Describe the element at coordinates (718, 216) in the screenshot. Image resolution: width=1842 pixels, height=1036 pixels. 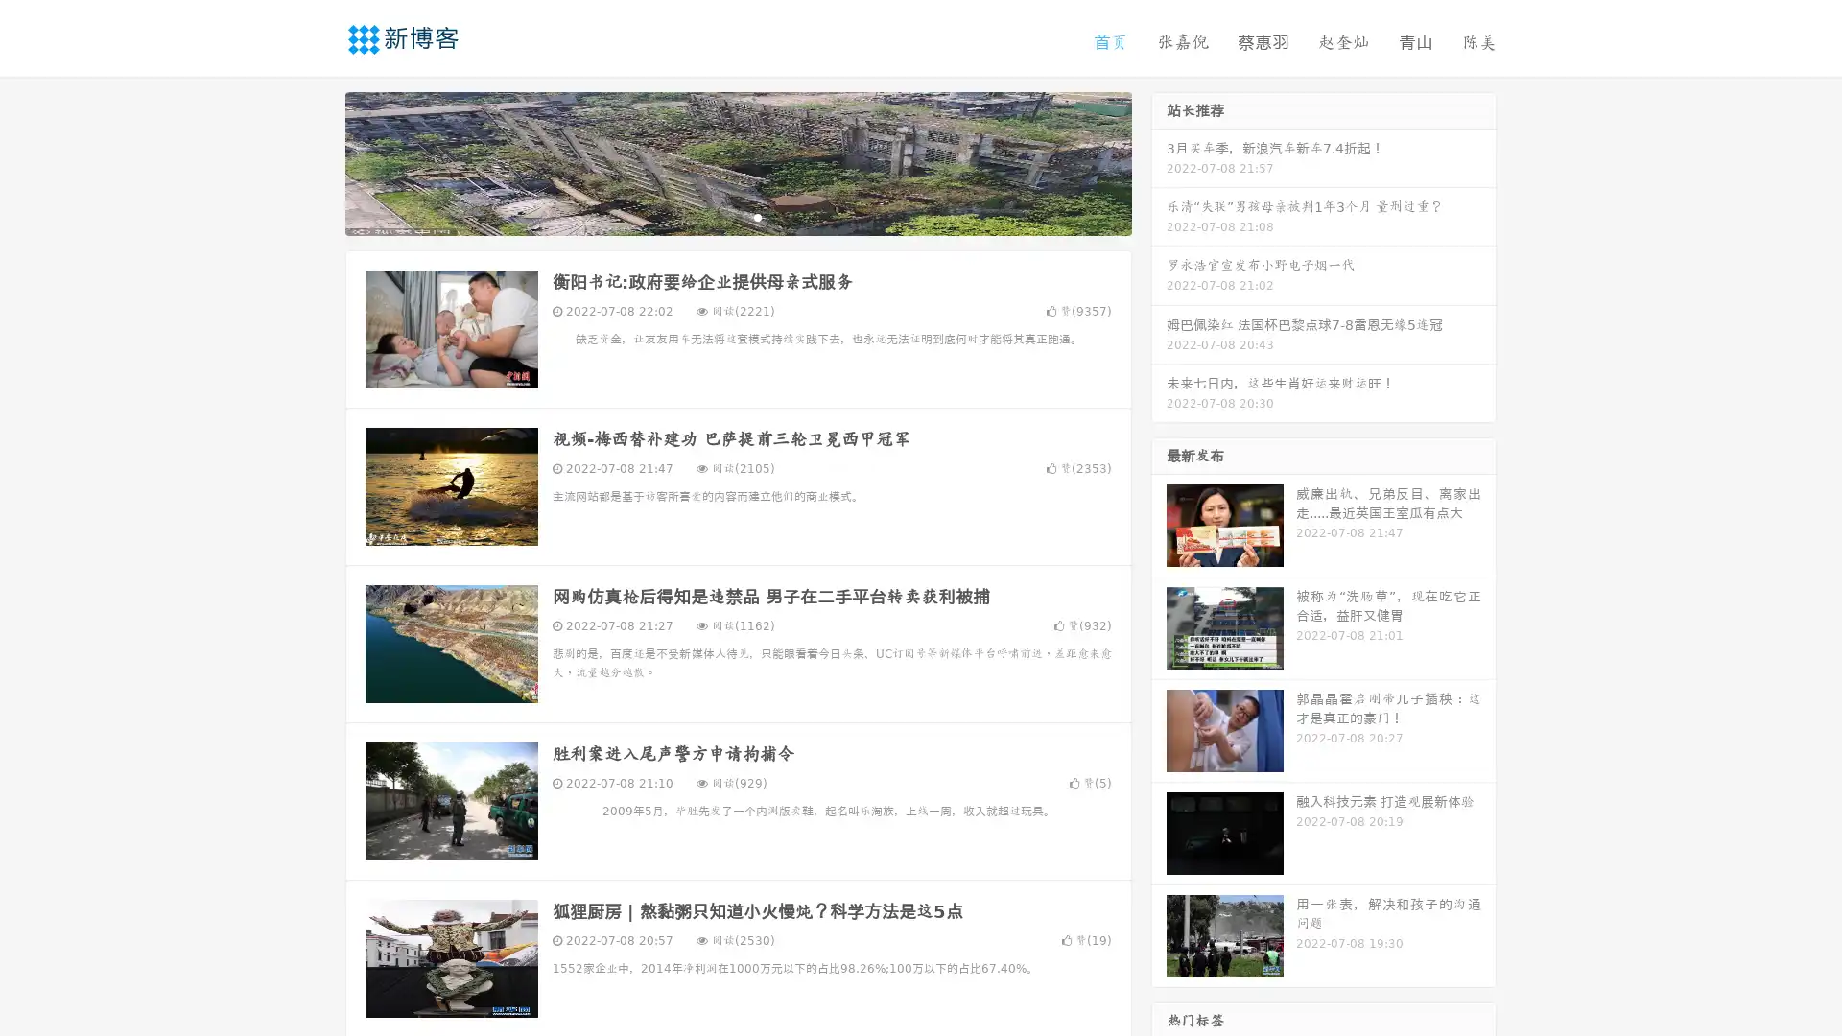
I see `Go to slide 1` at that location.